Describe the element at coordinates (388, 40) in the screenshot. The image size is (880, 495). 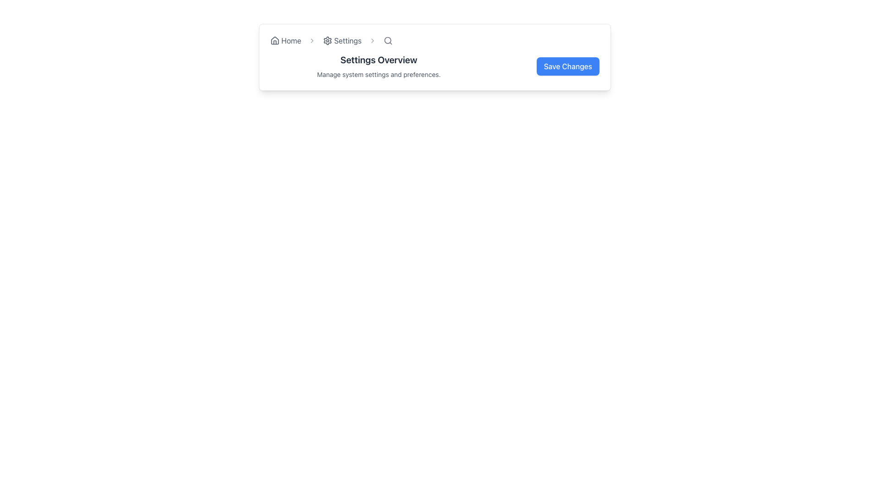
I see `the main circular body of the search icon located in the upper-right corner navigation bar` at that location.